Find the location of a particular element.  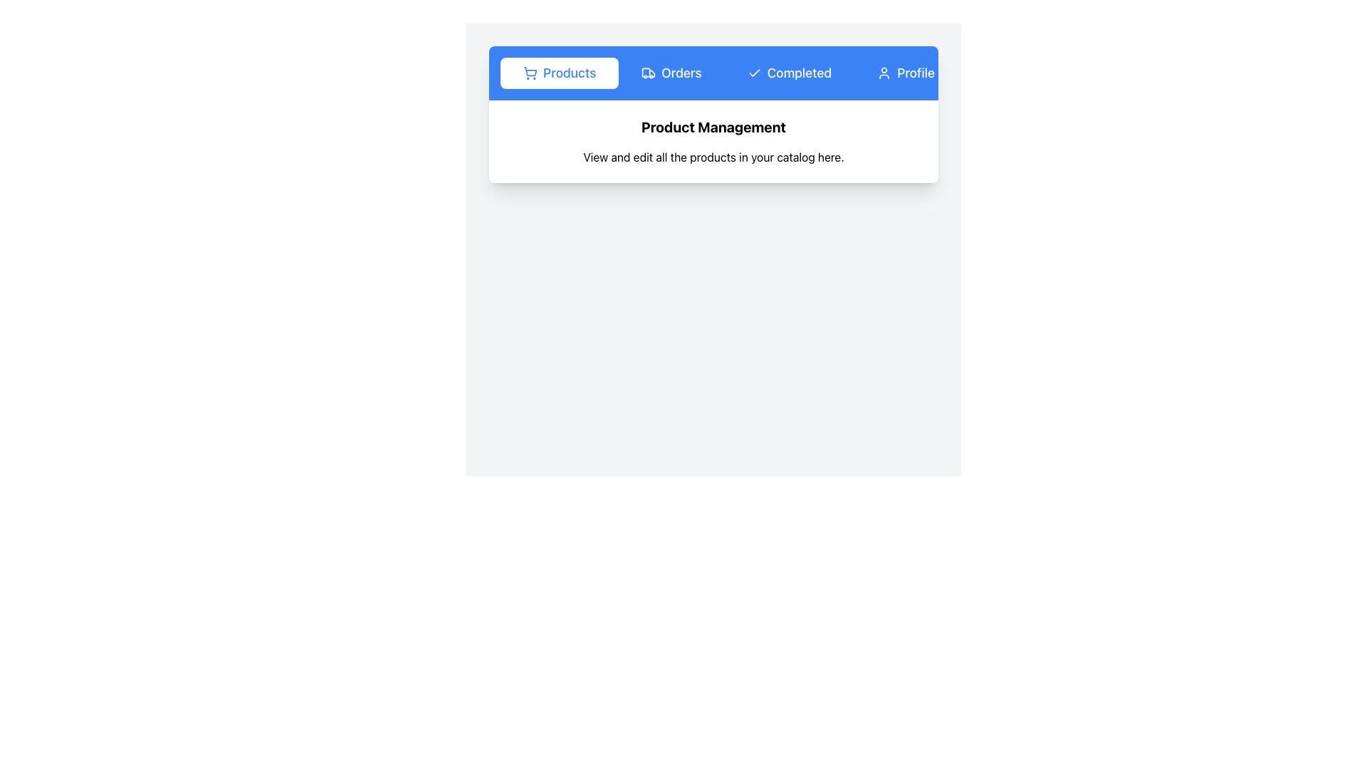

the blue 'Profile' button with a user icon, located at the far-right of the navigation bar is located at coordinates (905, 73).